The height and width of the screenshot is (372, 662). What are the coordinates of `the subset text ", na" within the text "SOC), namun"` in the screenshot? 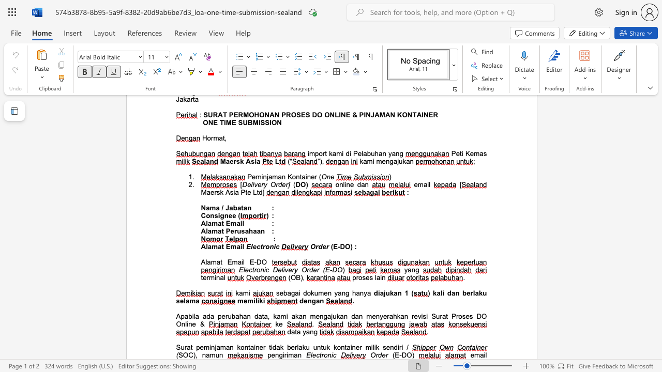 It's located at (195, 354).